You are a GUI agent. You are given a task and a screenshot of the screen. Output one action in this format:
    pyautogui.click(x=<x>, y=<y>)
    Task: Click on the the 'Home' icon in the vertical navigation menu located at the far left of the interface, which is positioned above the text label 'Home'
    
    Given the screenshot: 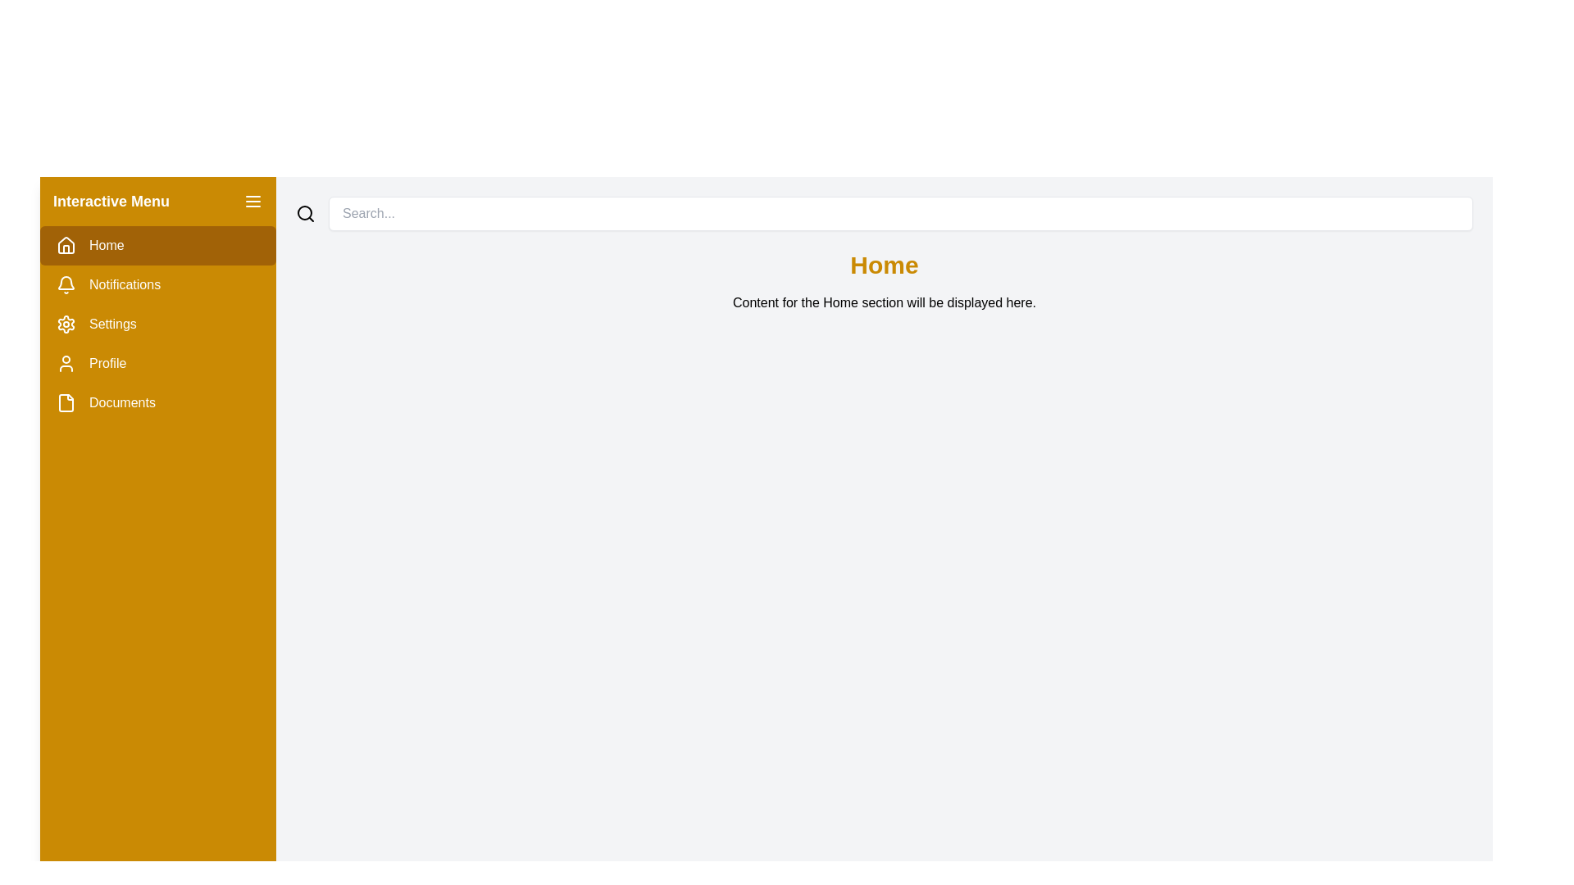 What is the action you would take?
    pyautogui.click(x=66, y=245)
    